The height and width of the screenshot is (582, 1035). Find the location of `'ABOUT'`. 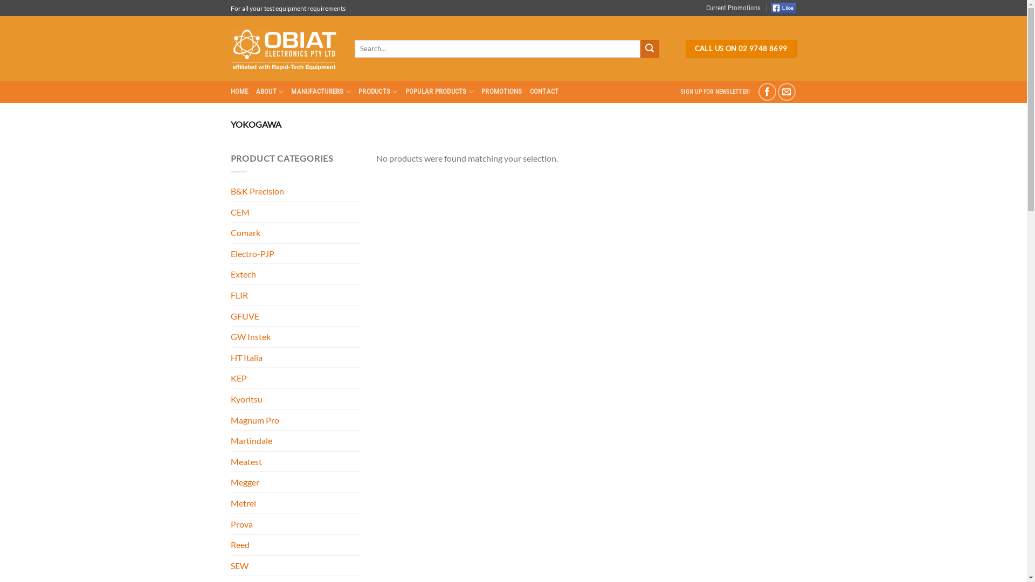

'ABOUT' is located at coordinates (256, 91).